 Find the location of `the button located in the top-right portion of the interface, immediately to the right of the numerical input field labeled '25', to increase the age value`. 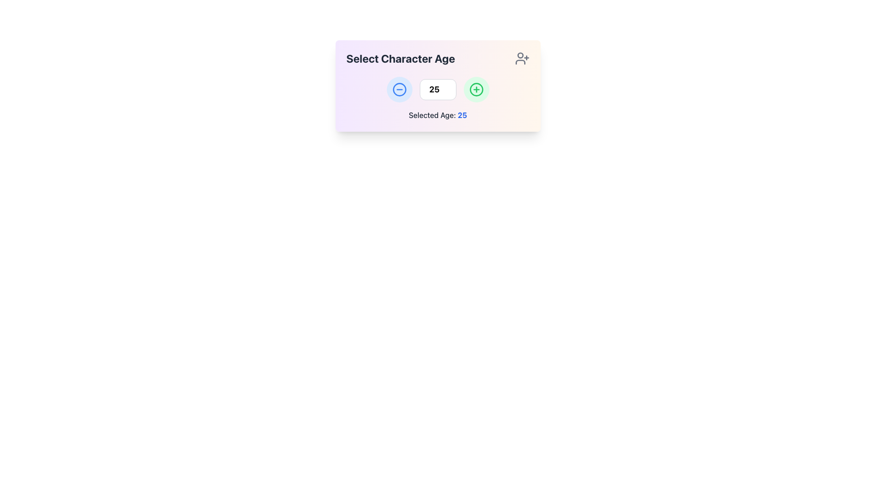

the button located in the top-right portion of the interface, immediately to the right of the numerical input field labeled '25', to increase the age value is located at coordinates (476, 90).